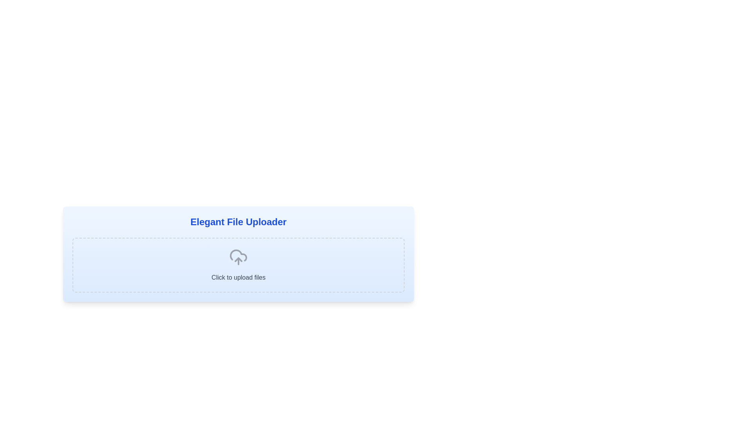 Image resolution: width=752 pixels, height=423 pixels. Describe the element at coordinates (238, 265) in the screenshot. I see `the interactive file upload area element with a dashed border and light blue background, located under the heading 'Elegant File Uploader'` at that location.